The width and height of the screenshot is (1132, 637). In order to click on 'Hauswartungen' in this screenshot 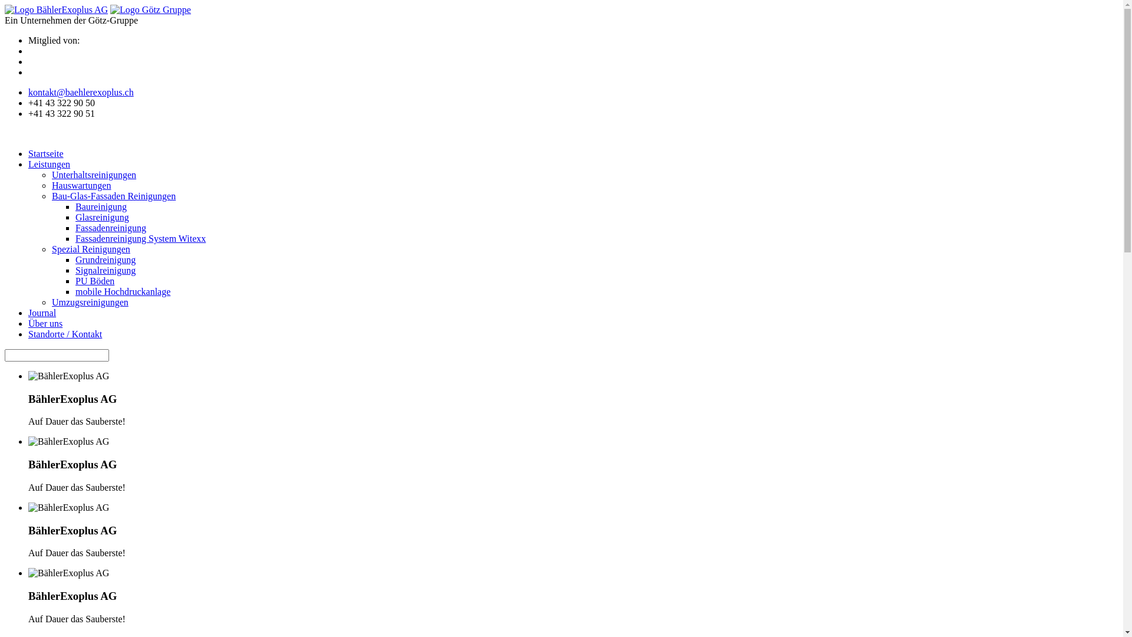, I will do `click(81, 185)`.